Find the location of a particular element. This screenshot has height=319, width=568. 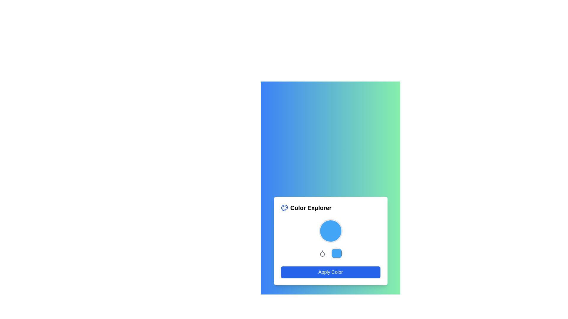

the gray droplet-like icon located in the center-bottom area of the 'Color Explorer' UI card, positioned below a circular blue element and to the left of a smaller blue hexagonal button is located at coordinates (322, 253).